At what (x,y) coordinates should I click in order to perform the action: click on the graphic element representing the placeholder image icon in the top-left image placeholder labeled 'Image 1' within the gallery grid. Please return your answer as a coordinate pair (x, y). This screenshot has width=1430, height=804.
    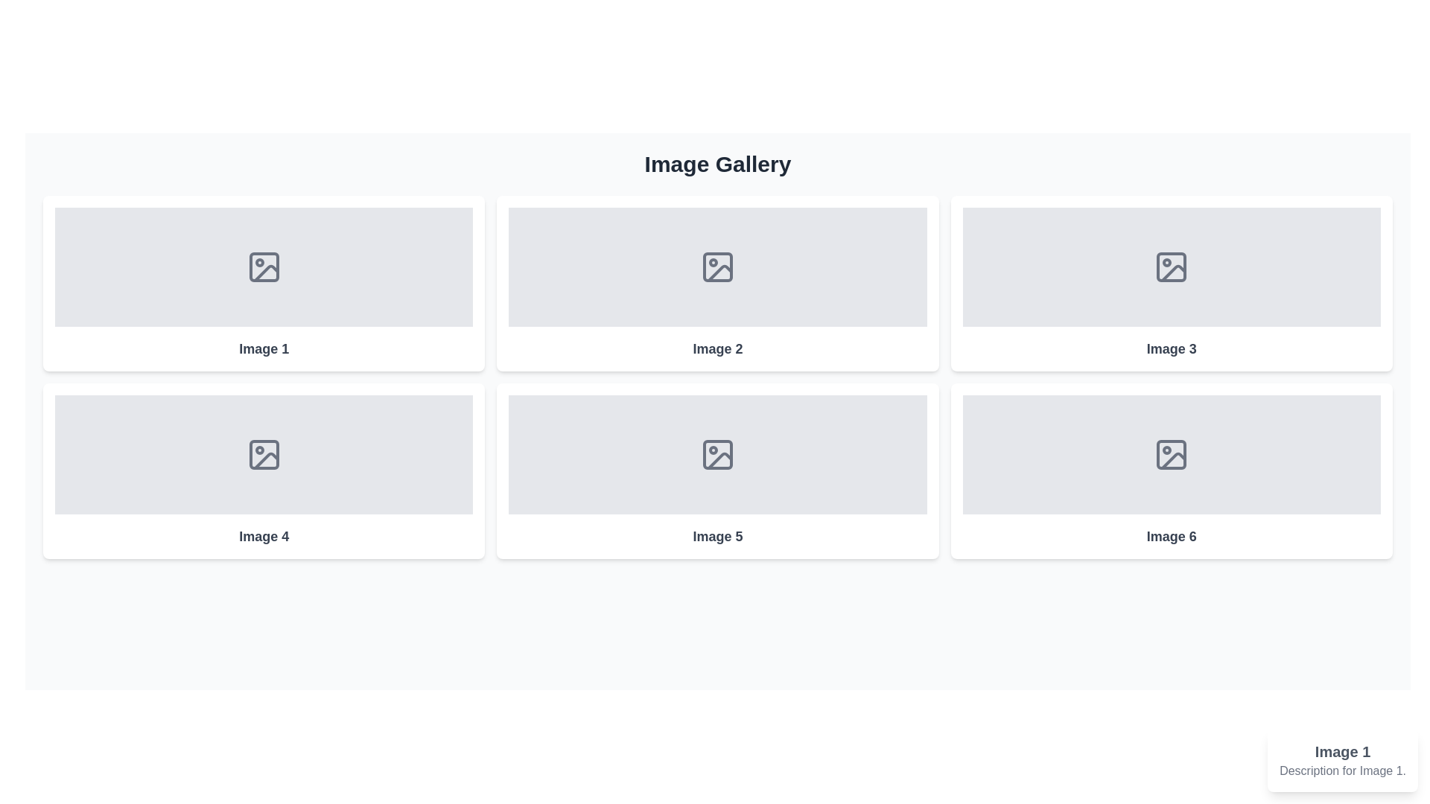
    Looking at the image, I should click on (266, 273).